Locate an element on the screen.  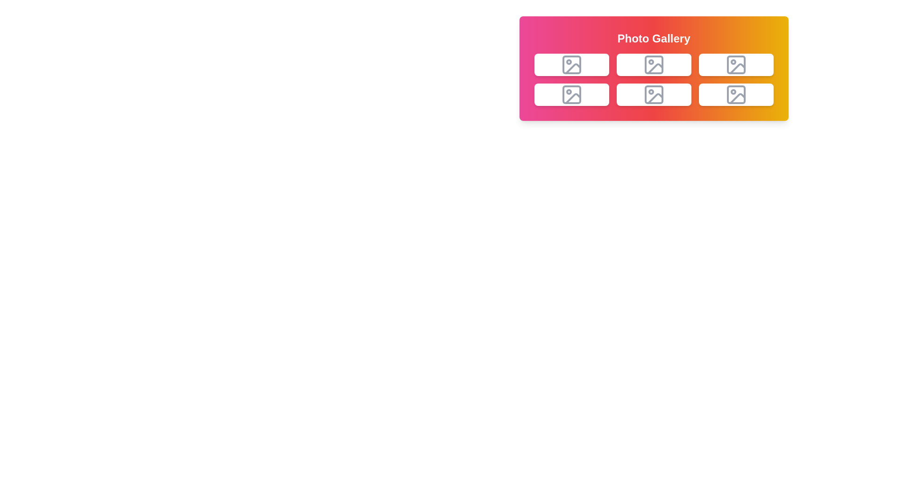
the individual image sections within the 'Photo Gallery' panel that has a vibrant gradient background transitioning from pink to yellow is located at coordinates (653, 68).